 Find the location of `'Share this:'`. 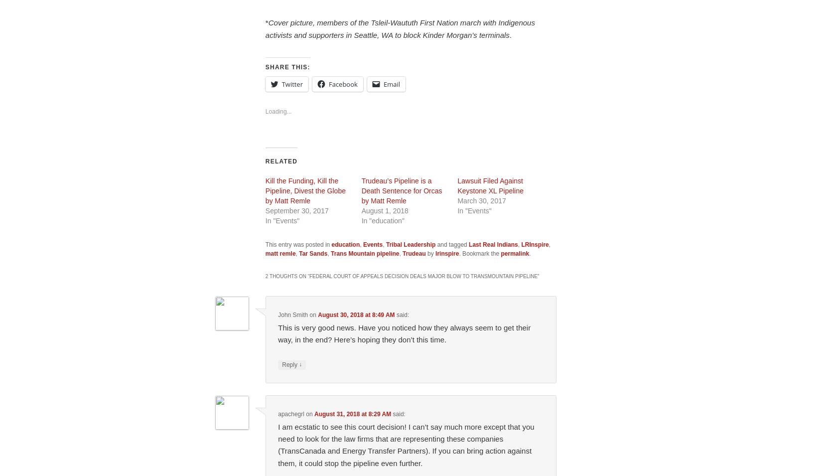

'Share this:' is located at coordinates (287, 66).